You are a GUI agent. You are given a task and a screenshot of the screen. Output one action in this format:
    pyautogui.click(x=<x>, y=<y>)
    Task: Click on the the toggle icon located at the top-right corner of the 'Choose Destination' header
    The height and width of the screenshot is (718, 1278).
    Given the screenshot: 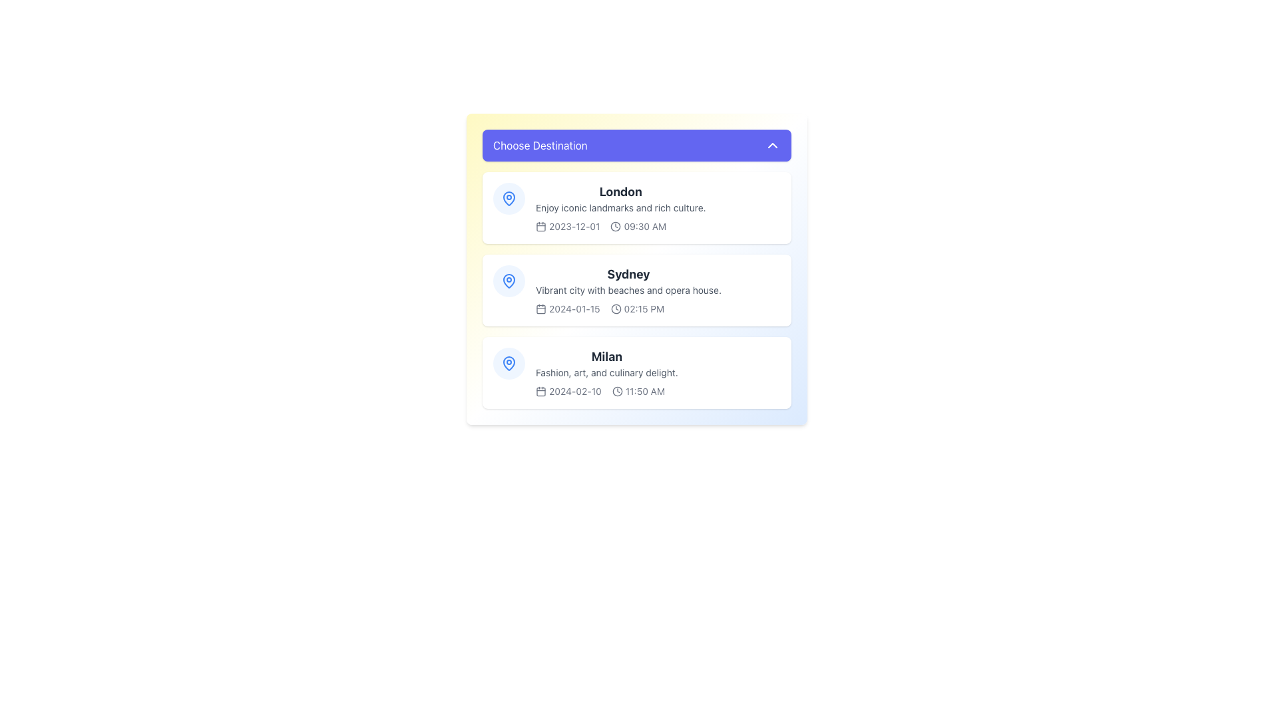 What is the action you would take?
    pyautogui.click(x=773, y=146)
    